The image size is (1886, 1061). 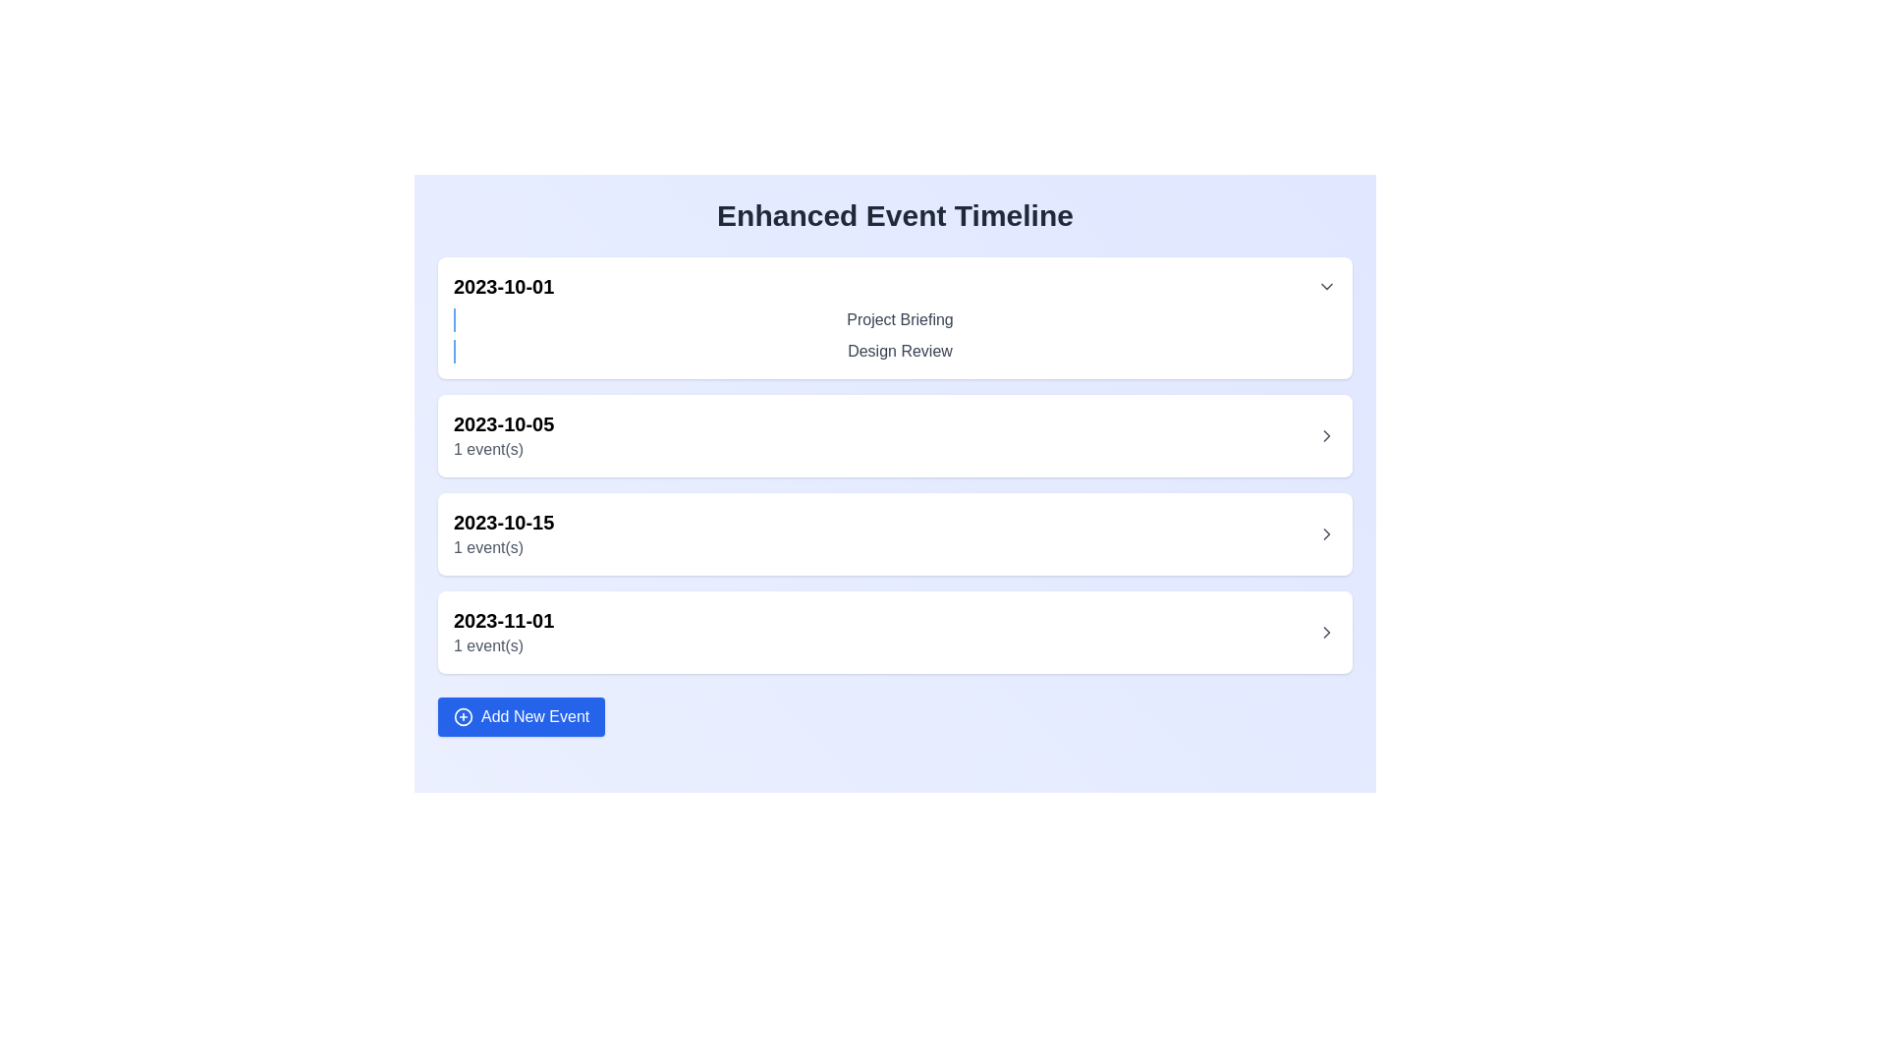 I want to click on the text label displaying 'Project Briefing' in gray font, which is positioned in the timeline layout under the date '2023-10-01', so click(x=899, y=319).